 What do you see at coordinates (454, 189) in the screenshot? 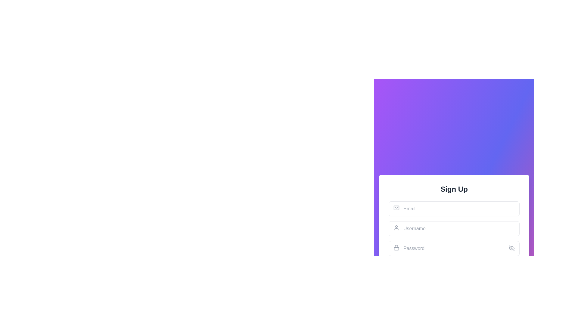
I see `the 'Sign Up' text header that is bold and prominently displayed at the top of the registration form` at bounding box center [454, 189].